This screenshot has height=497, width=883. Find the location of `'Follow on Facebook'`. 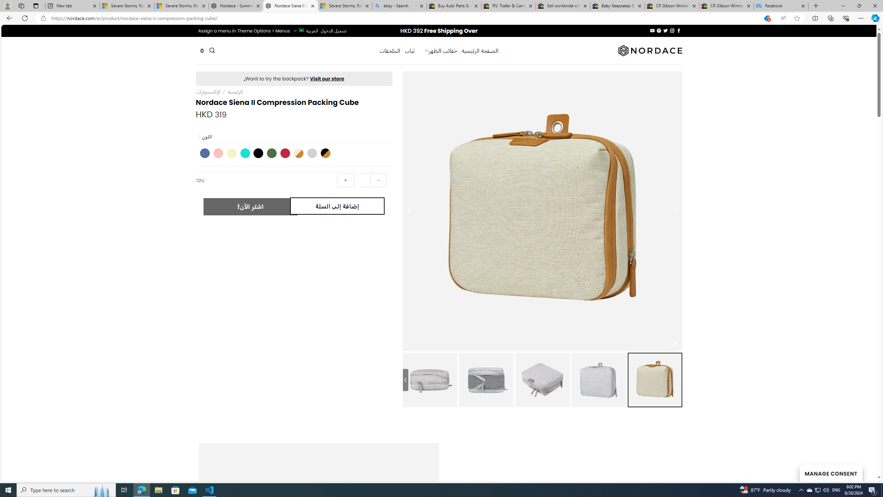

'Follow on Facebook' is located at coordinates (678, 30).